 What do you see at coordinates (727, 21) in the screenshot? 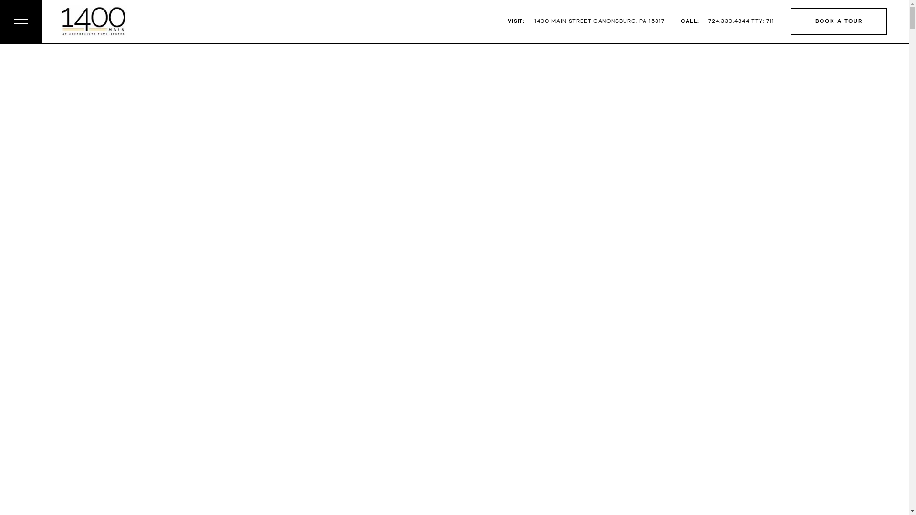
I see `'CALL:     724.330.4844 TTY: 711'` at bounding box center [727, 21].